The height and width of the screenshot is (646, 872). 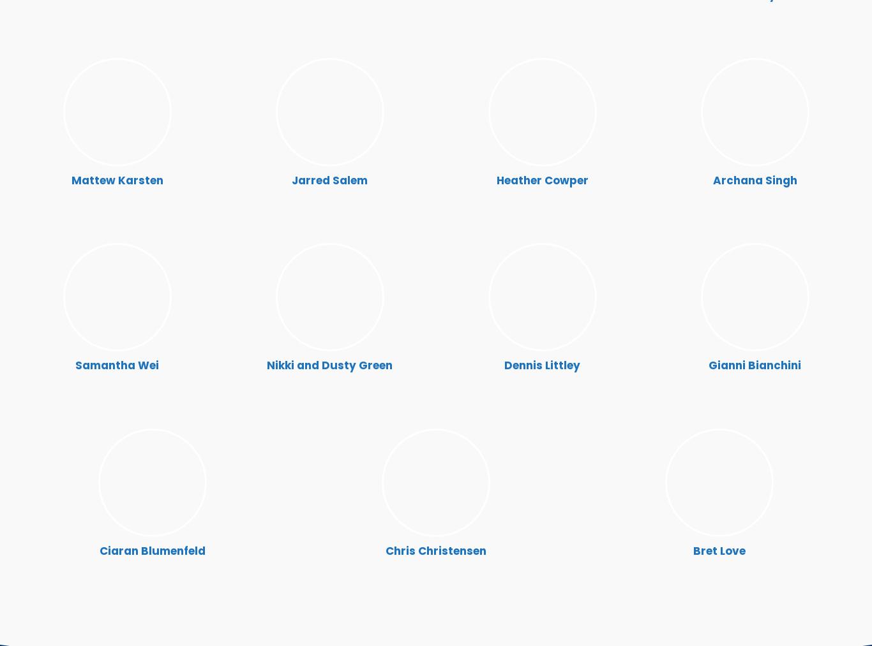 What do you see at coordinates (436, 549) in the screenshot?
I see `'Chris Christensen'` at bounding box center [436, 549].